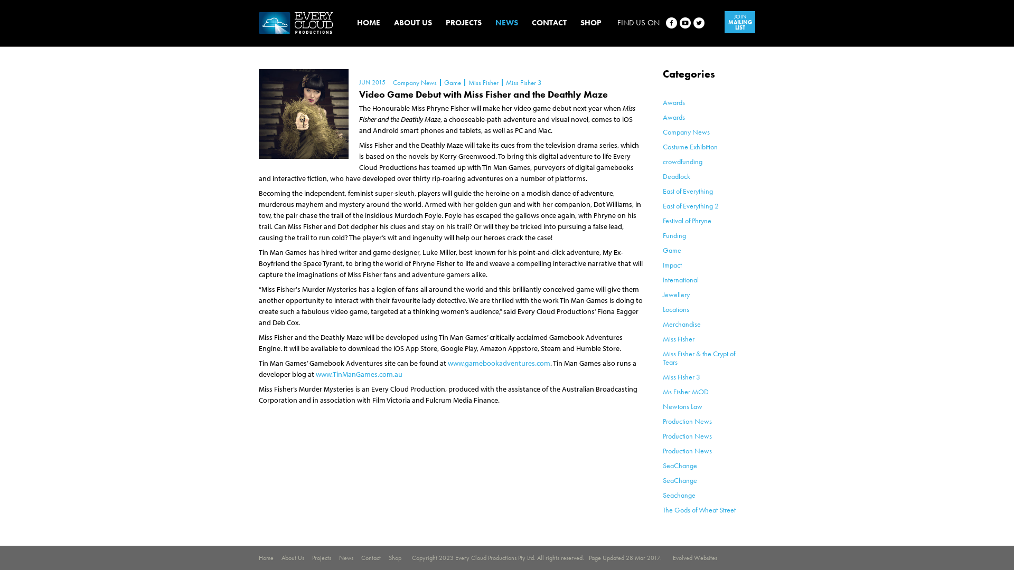 The image size is (1014, 570). What do you see at coordinates (679, 495) in the screenshot?
I see `'Seachange'` at bounding box center [679, 495].